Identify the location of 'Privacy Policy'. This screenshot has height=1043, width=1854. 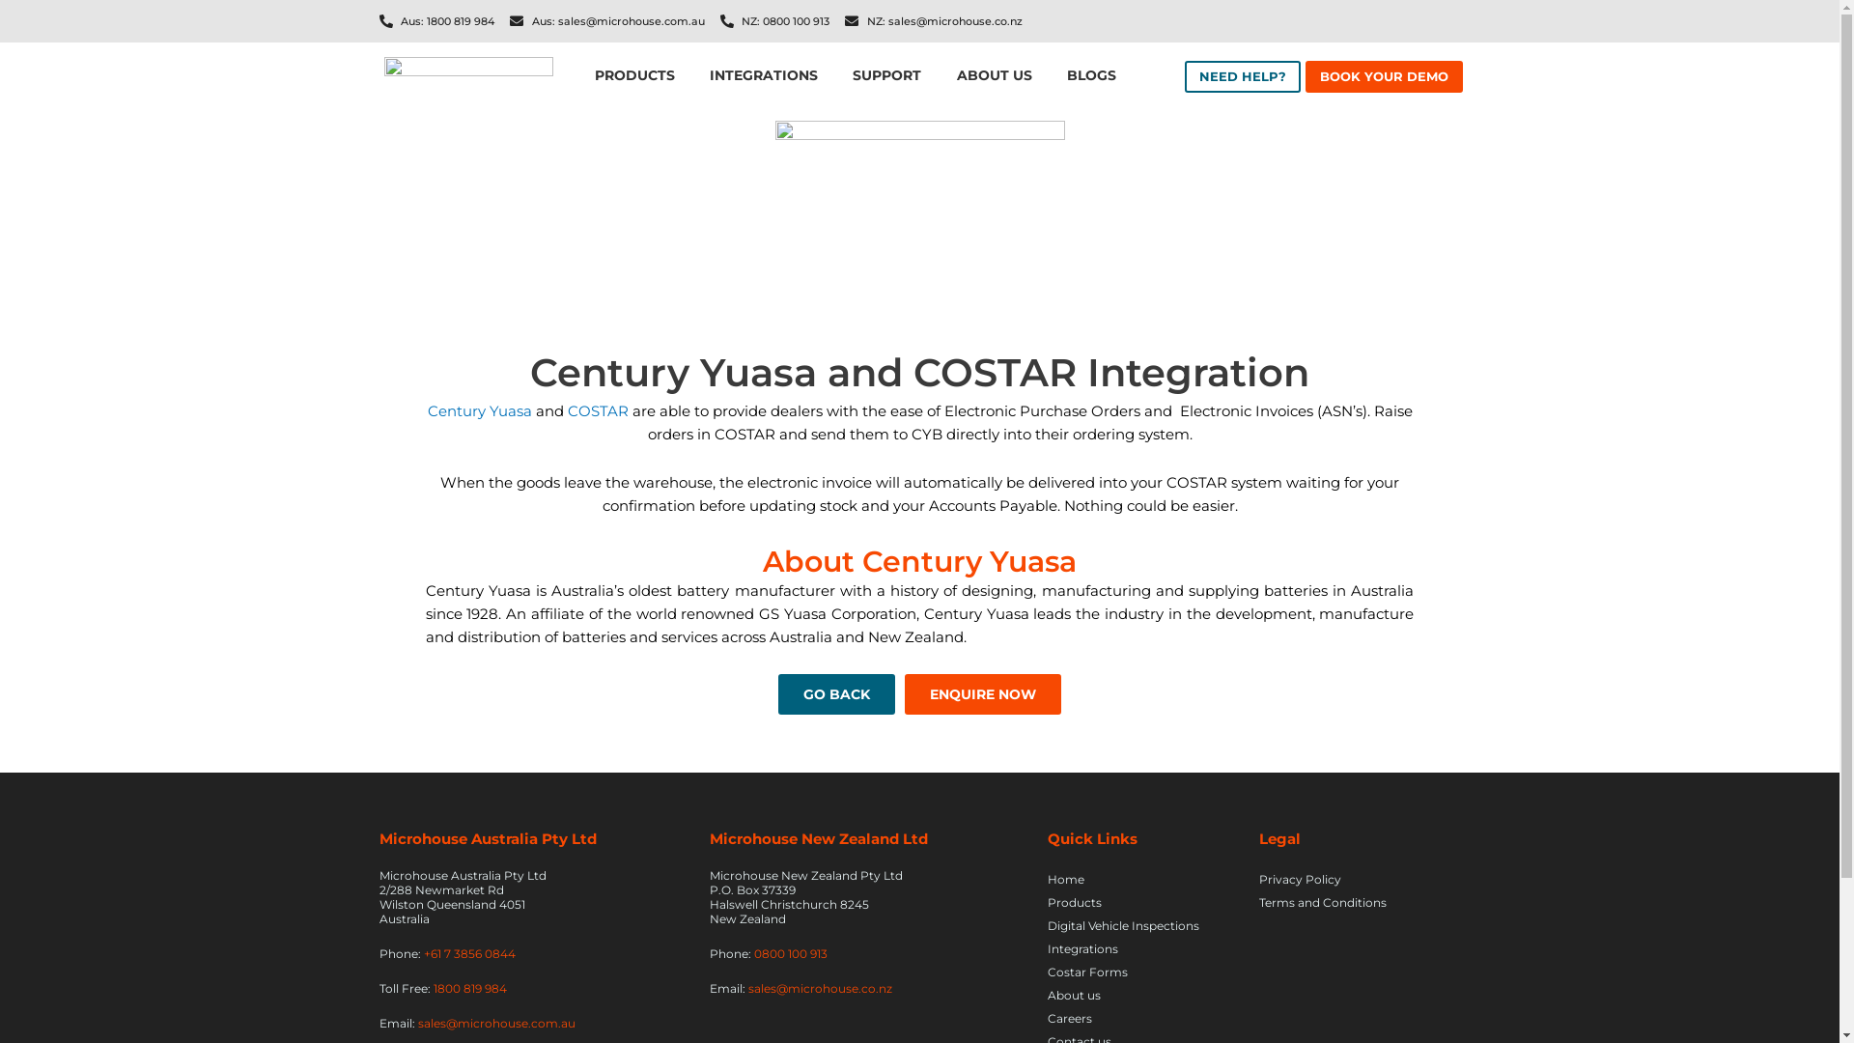
(1259, 879).